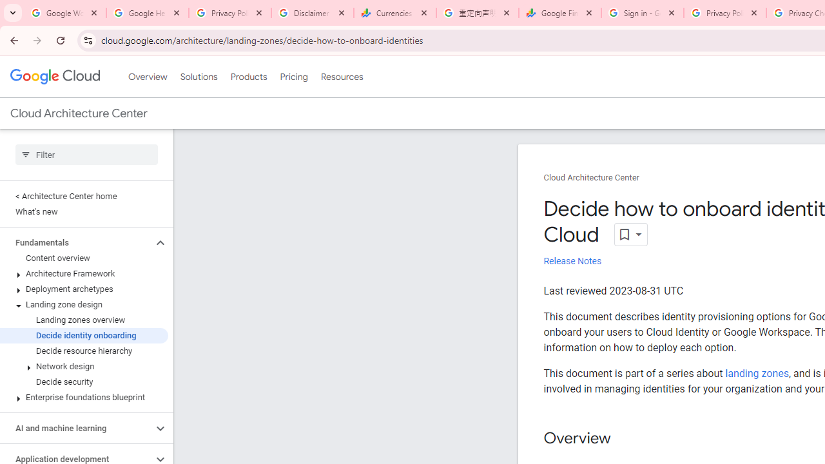  I want to click on 'Resources', so click(342, 77).